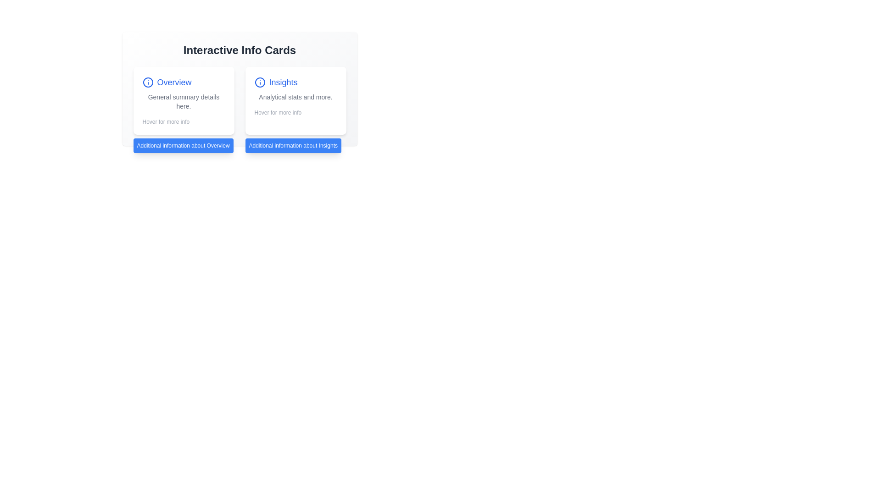 The height and width of the screenshot is (495, 881). What do you see at coordinates (166, 121) in the screenshot?
I see `the text label that reads 'Hover for more info', located in the bottom-left section of the 'Overview' card` at bounding box center [166, 121].